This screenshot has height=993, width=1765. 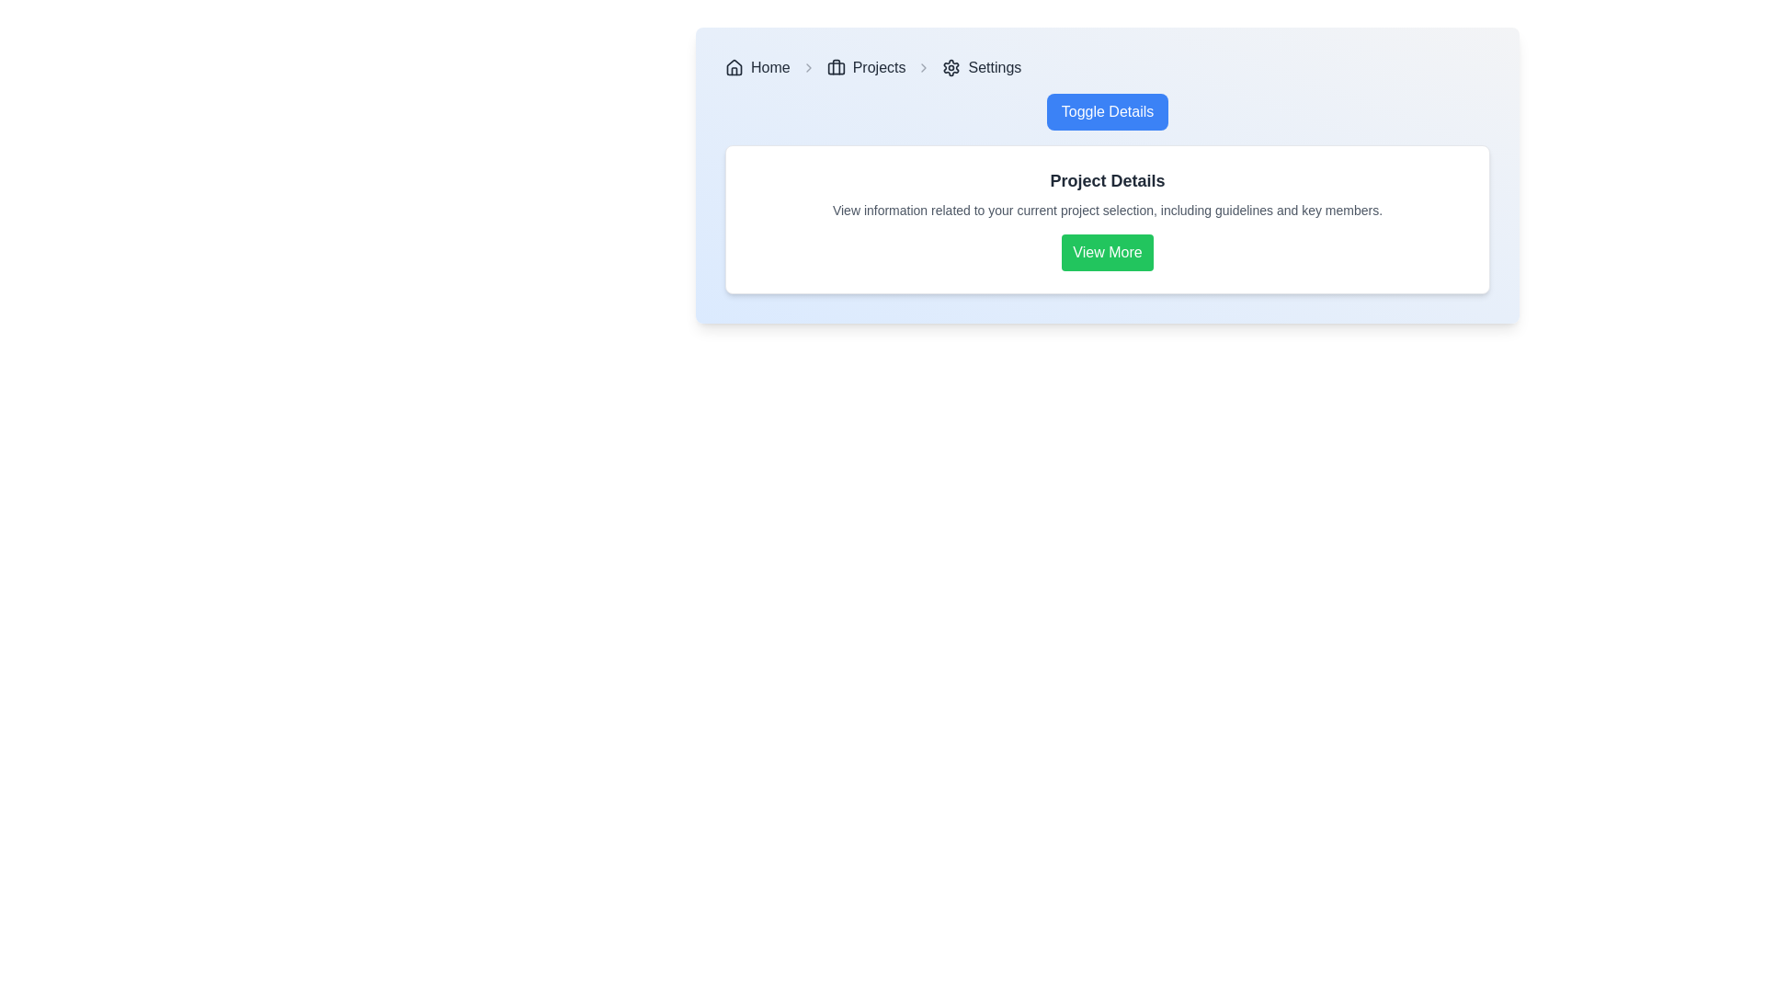 What do you see at coordinates (1106, 209) in the screenshot?
I see `the supplementary information text label located beneath the 'Project Details' title and above the 'View More' green action button, within a white card` at bounding box center [1106, 209].